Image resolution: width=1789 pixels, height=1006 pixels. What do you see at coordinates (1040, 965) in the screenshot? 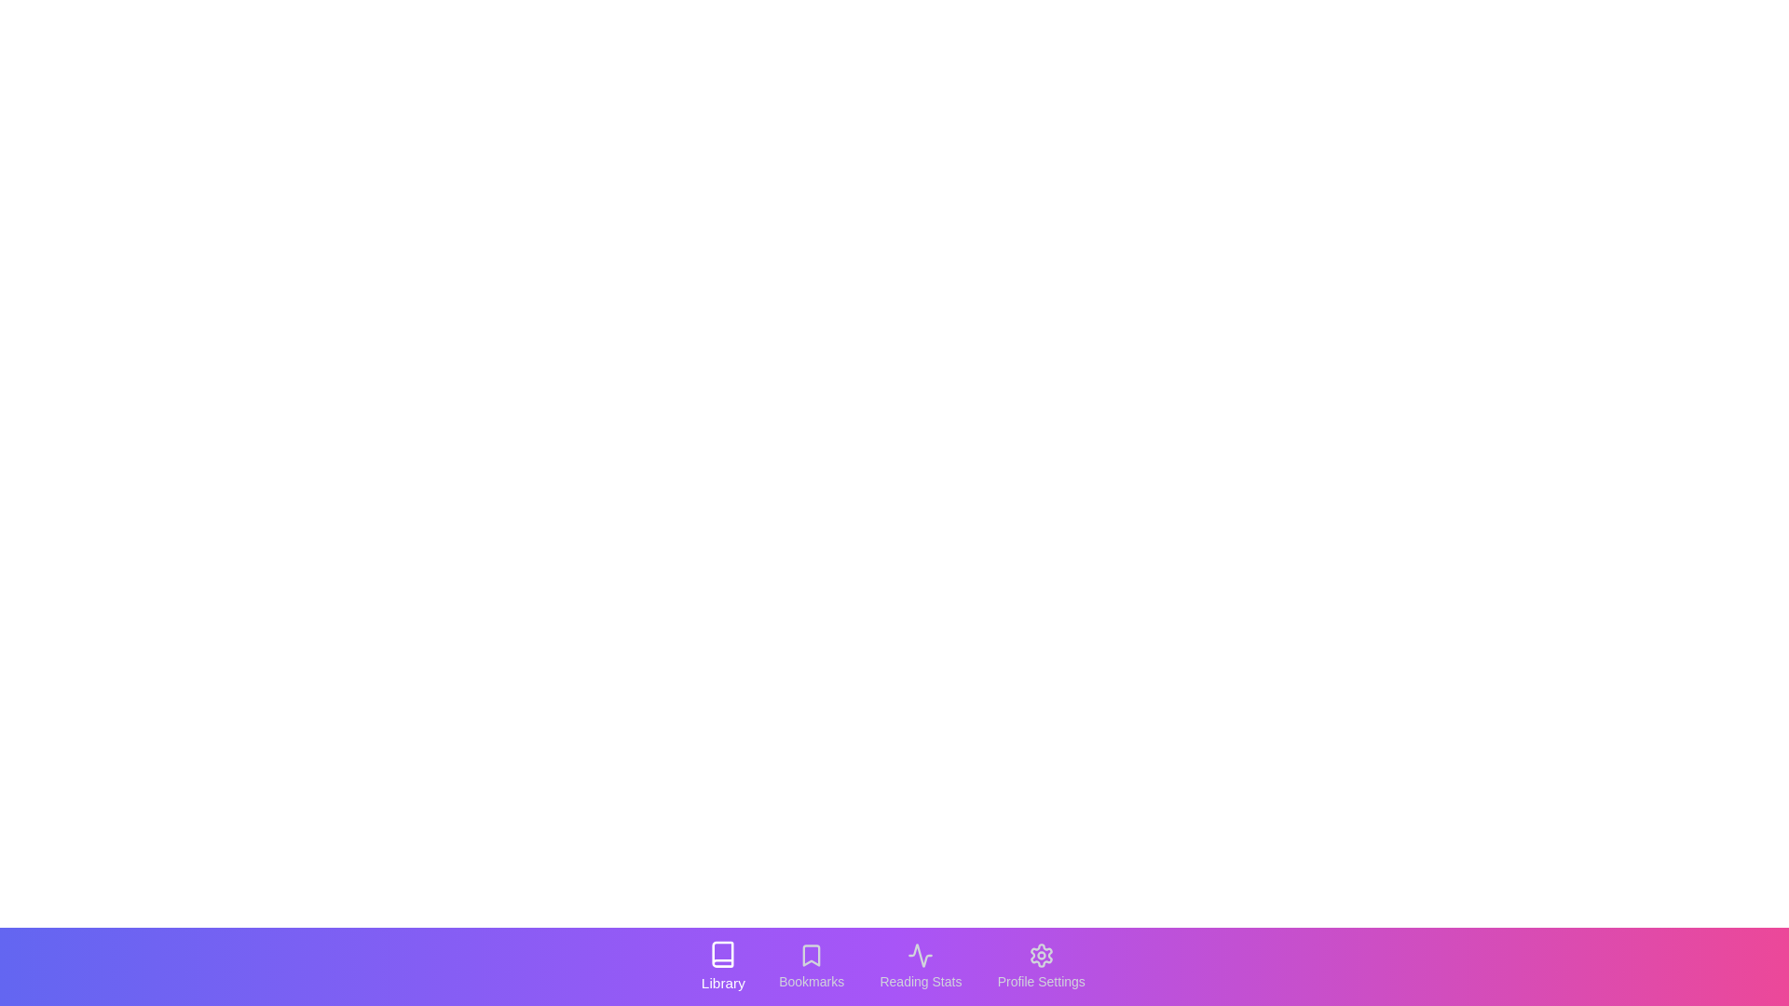
I see `the Profile Settings tab in the bottom navigation bar` at bounding box center [1040, 965].